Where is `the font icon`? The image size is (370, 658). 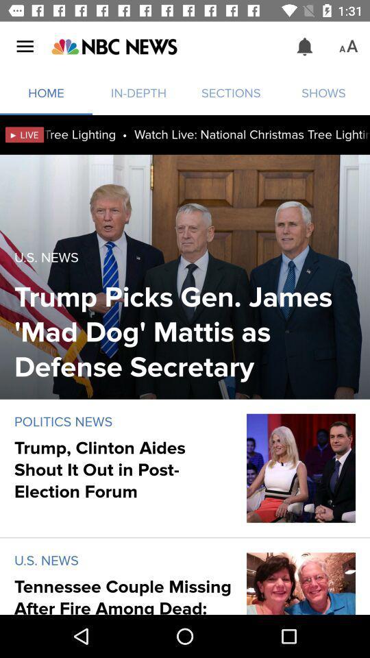
the font icon is located at coordinates (348, 47).